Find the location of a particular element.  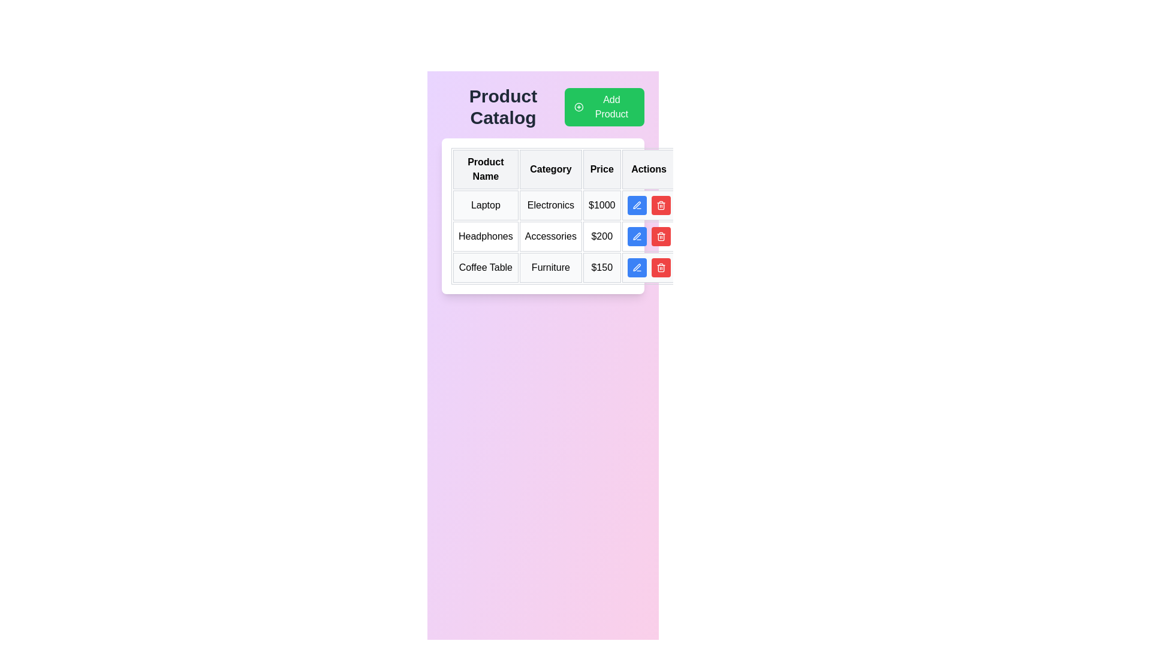

the red button with a white trash can icon in the third position of the 'Actions' column for the 'Coffee Table' row is located at coordinates (660, 205).